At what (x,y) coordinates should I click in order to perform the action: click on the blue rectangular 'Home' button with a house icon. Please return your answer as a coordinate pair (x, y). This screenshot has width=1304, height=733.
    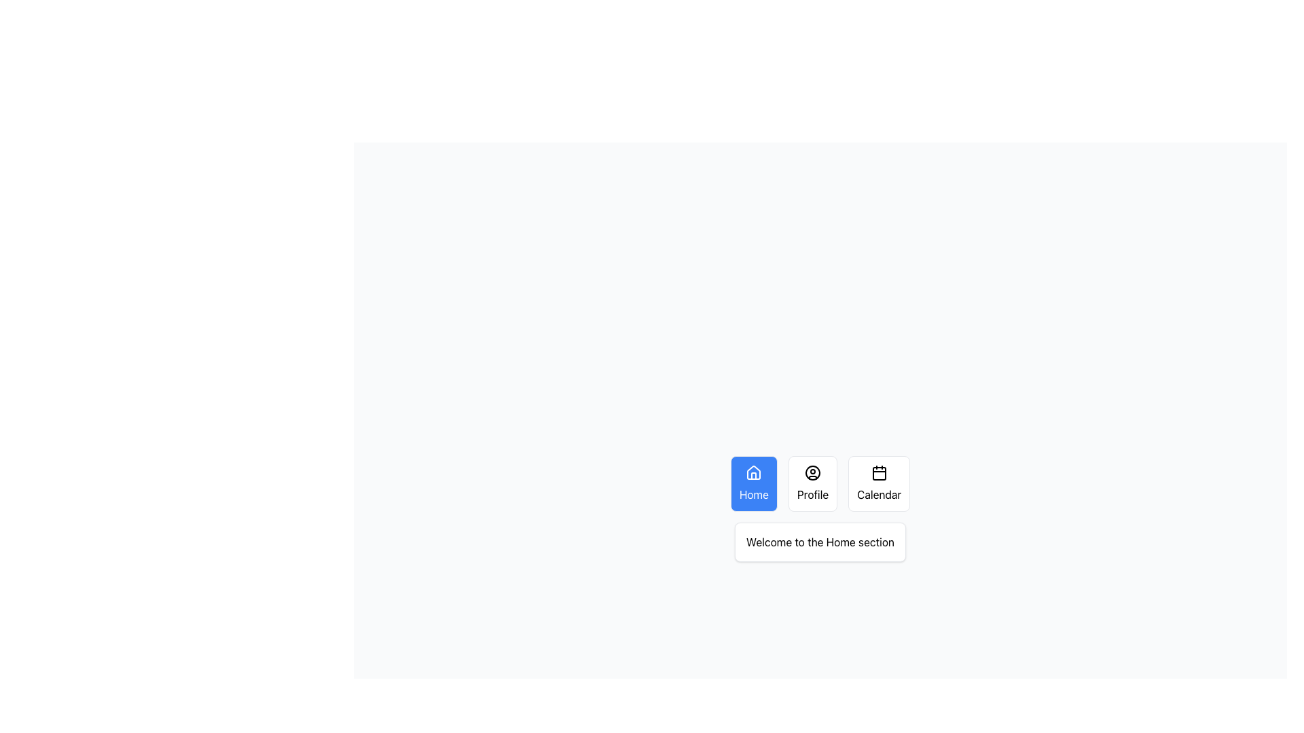
    Looking at the image, I should click on (753, 483).